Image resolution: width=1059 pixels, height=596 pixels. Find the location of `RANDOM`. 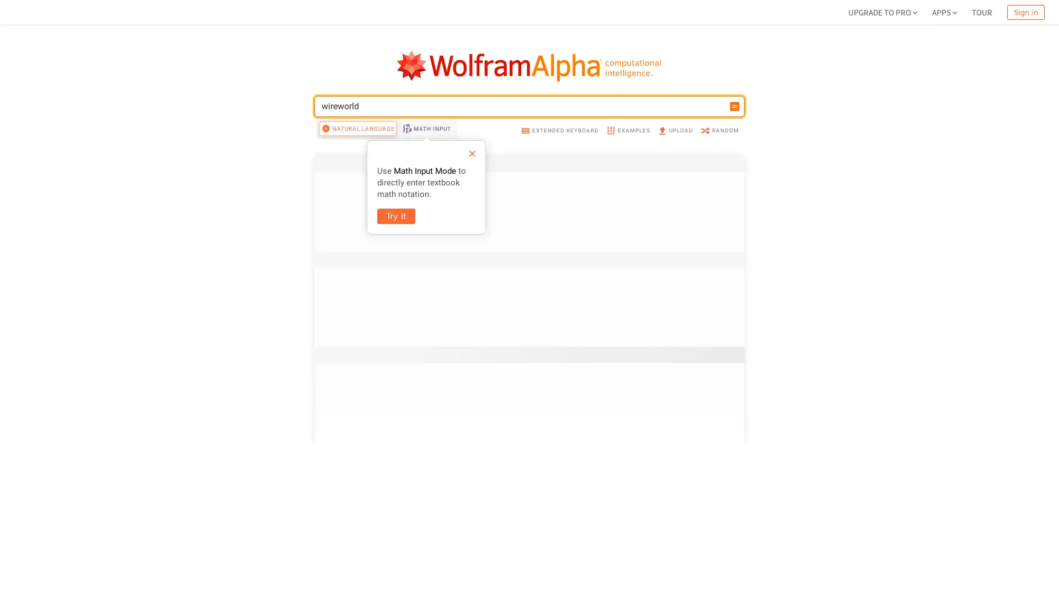

RANDOM is located at coordinates (719, 223).